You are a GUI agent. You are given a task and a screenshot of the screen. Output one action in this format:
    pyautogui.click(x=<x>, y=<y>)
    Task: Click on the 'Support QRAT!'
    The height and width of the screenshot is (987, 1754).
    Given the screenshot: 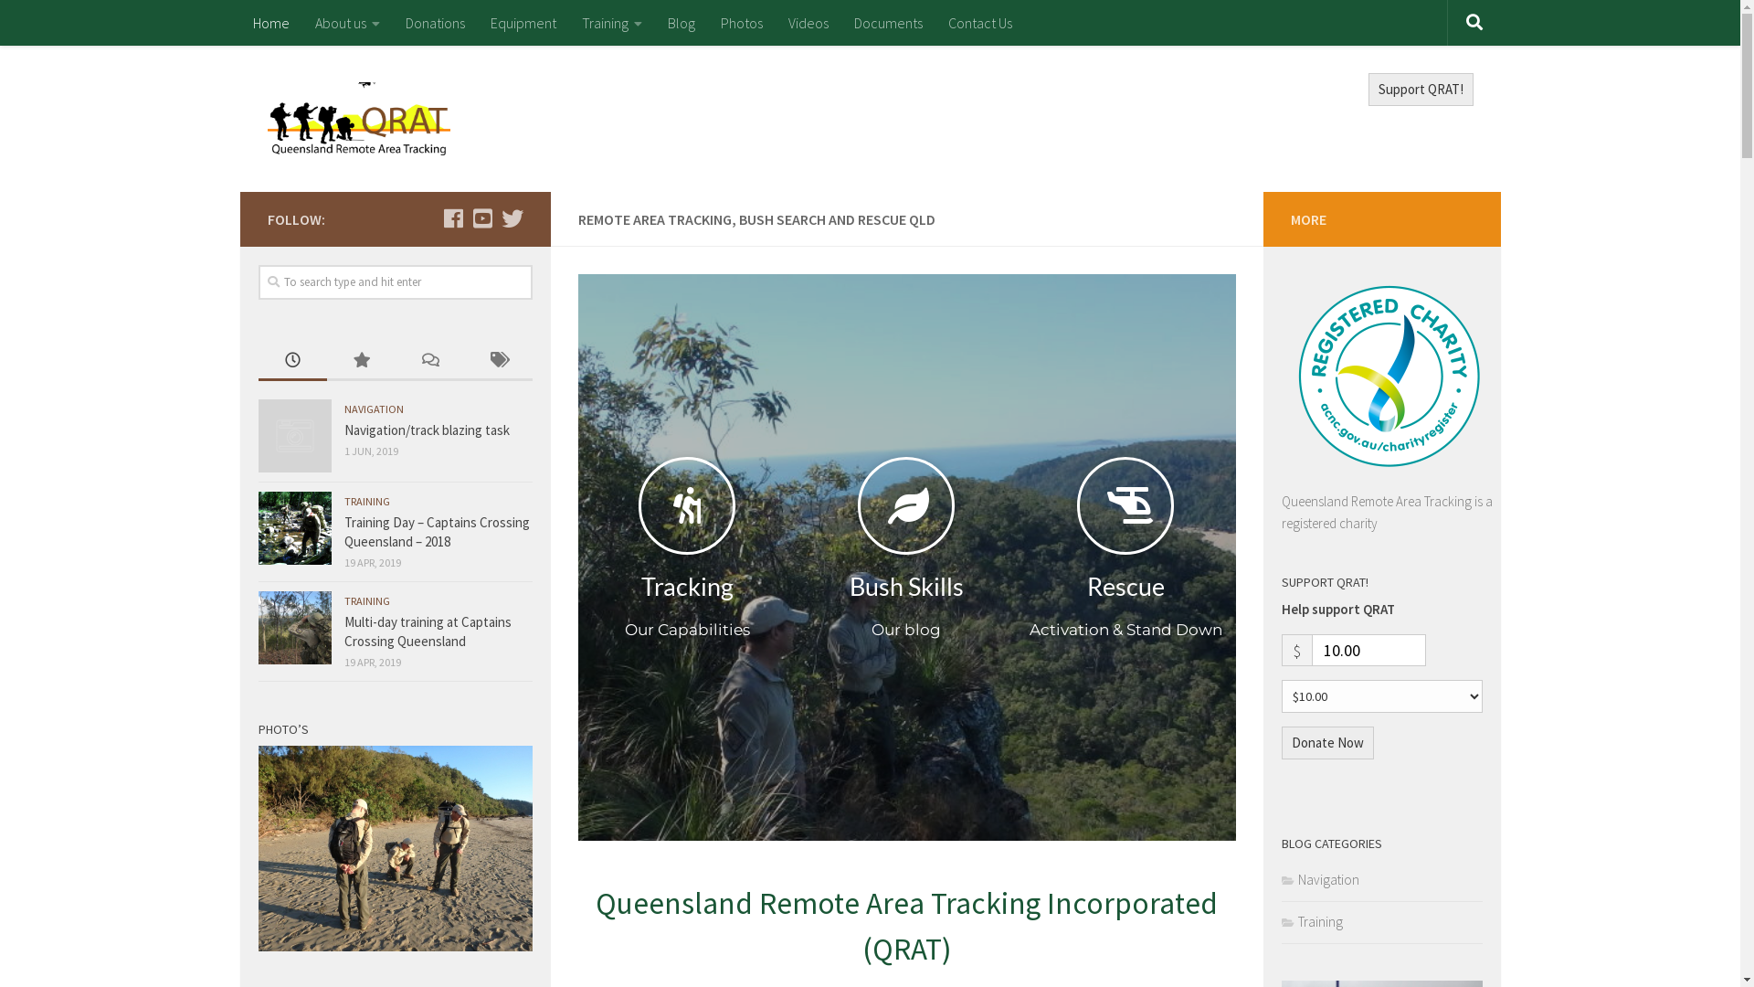 What is the action you would take?
    pyautogui.click(x=1420, y=89)
    